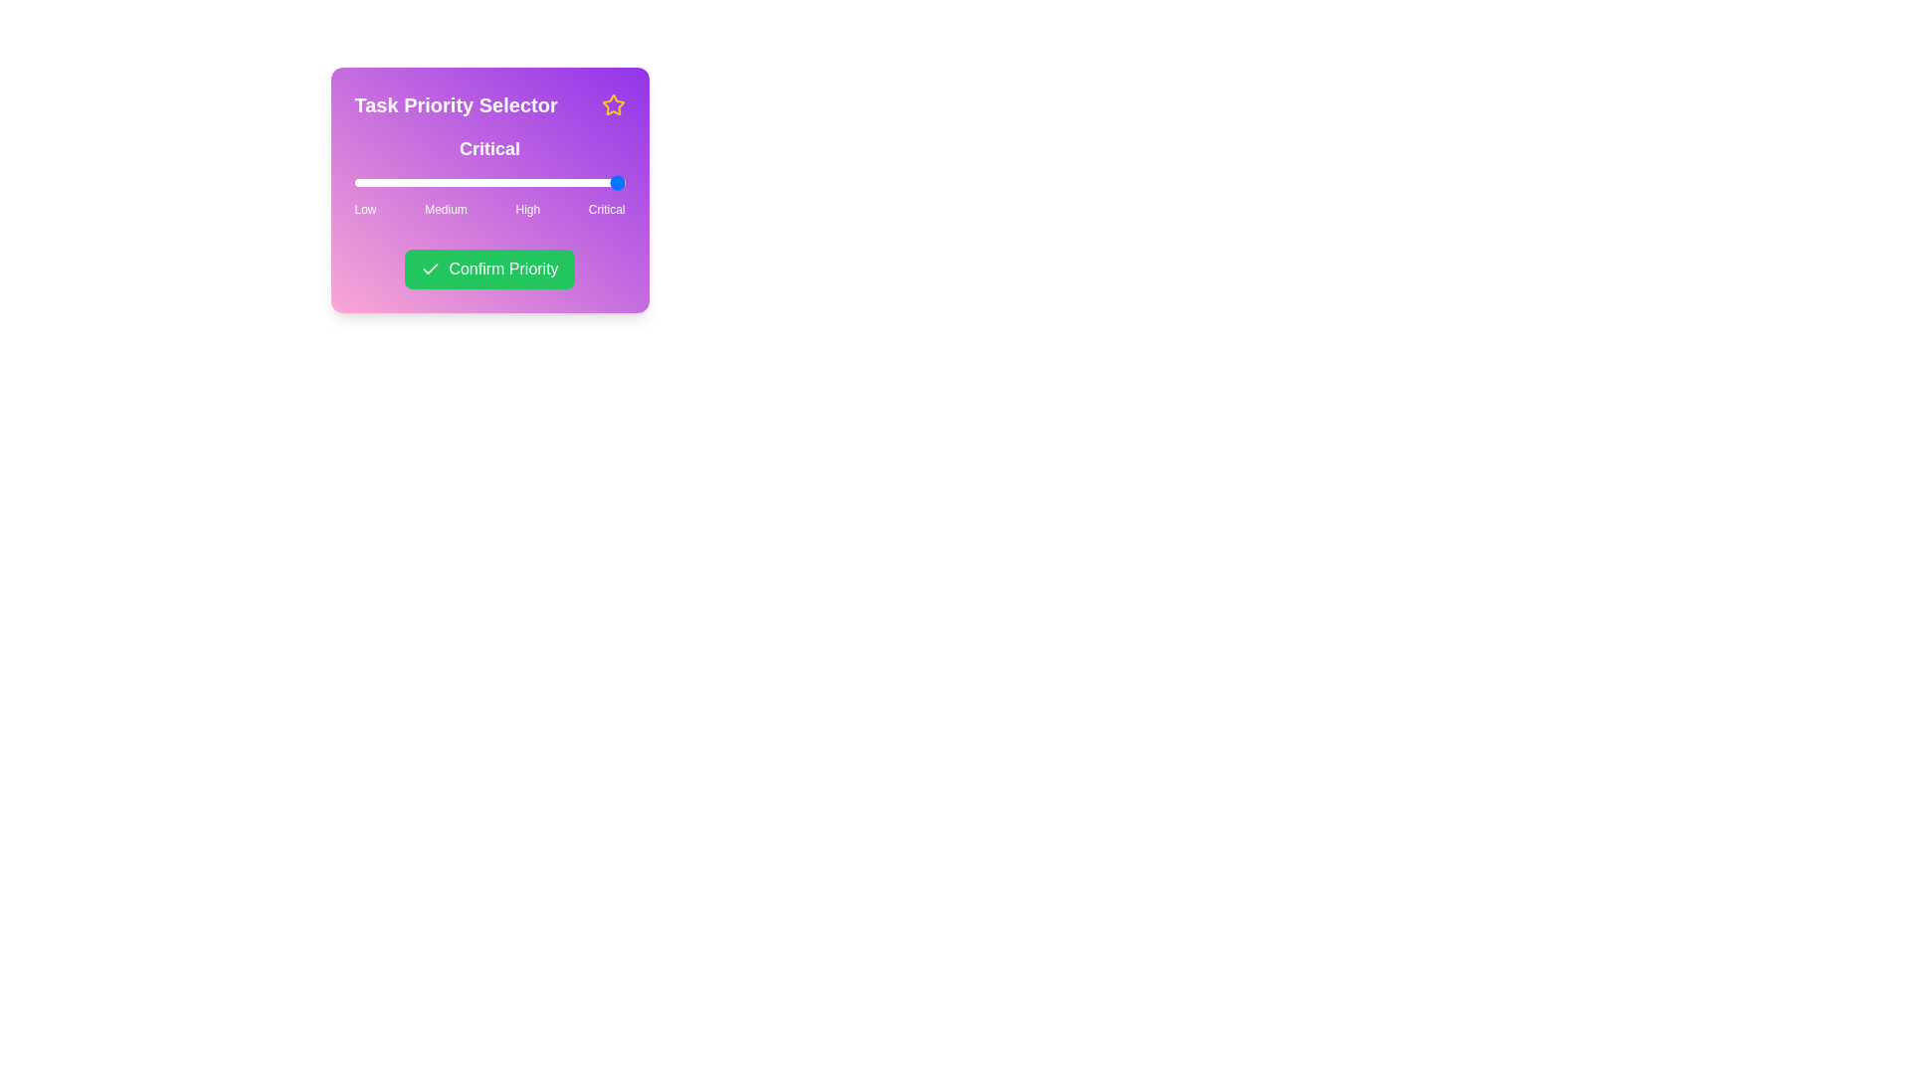 This screenshot has width=1910, height=1074. Describe the element at coordinates (612, 104) in the screenshot. I see `the star-shaped icon located at the top-right corner of the 'Task Priority Selector' card` at that location.